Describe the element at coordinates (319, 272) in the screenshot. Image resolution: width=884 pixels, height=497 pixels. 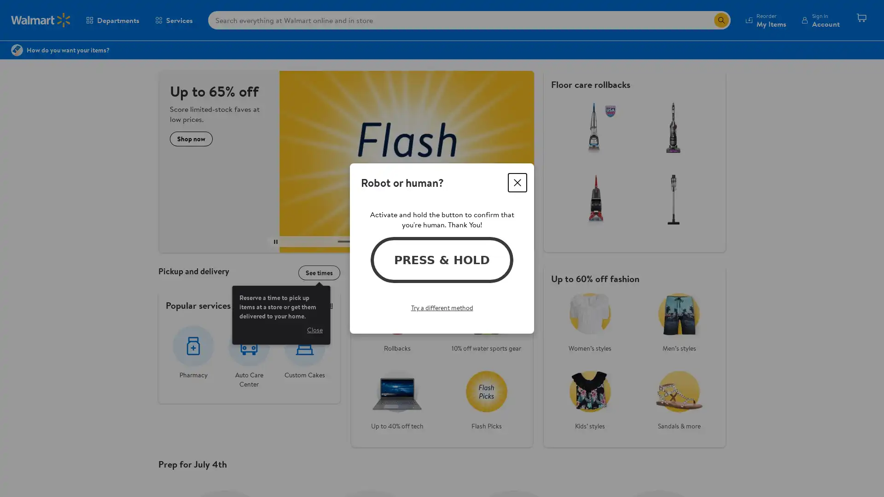
I see `See times Reserve a time to pick up items at a store or get them delivered to your home.` at that location.